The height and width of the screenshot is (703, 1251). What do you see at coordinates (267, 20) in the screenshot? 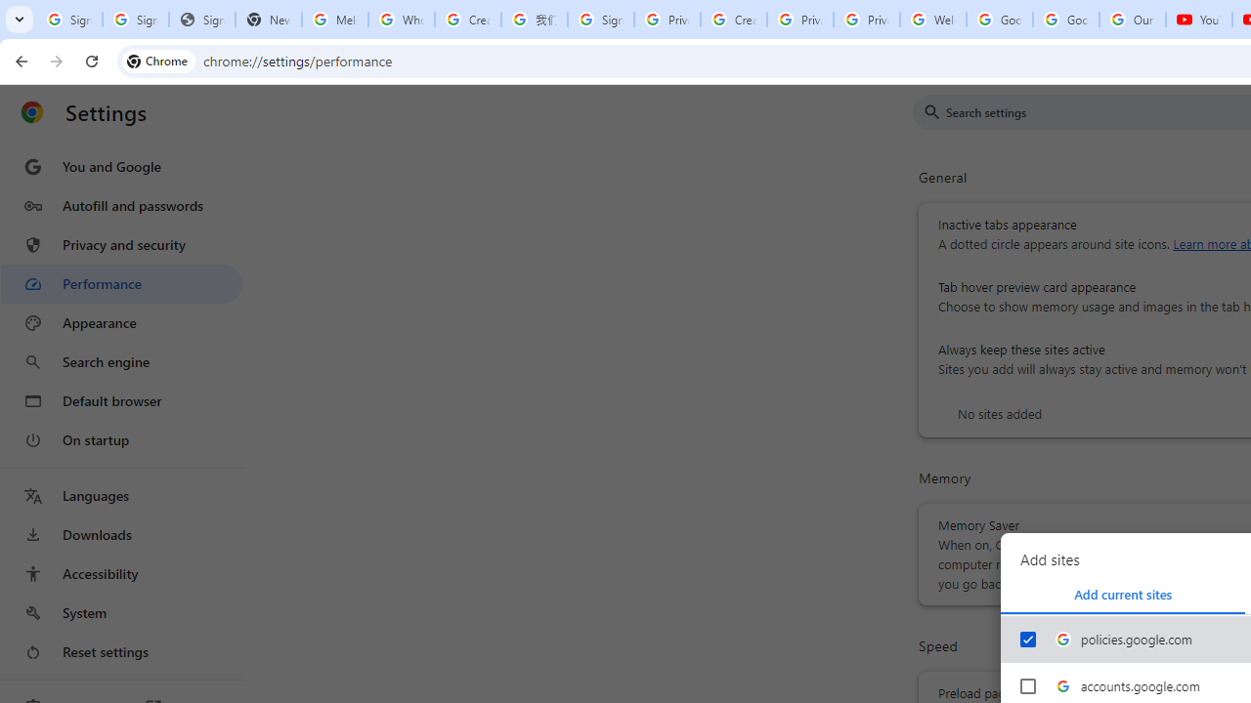
I see `'New Tab'` at bounding box center [267, 20].